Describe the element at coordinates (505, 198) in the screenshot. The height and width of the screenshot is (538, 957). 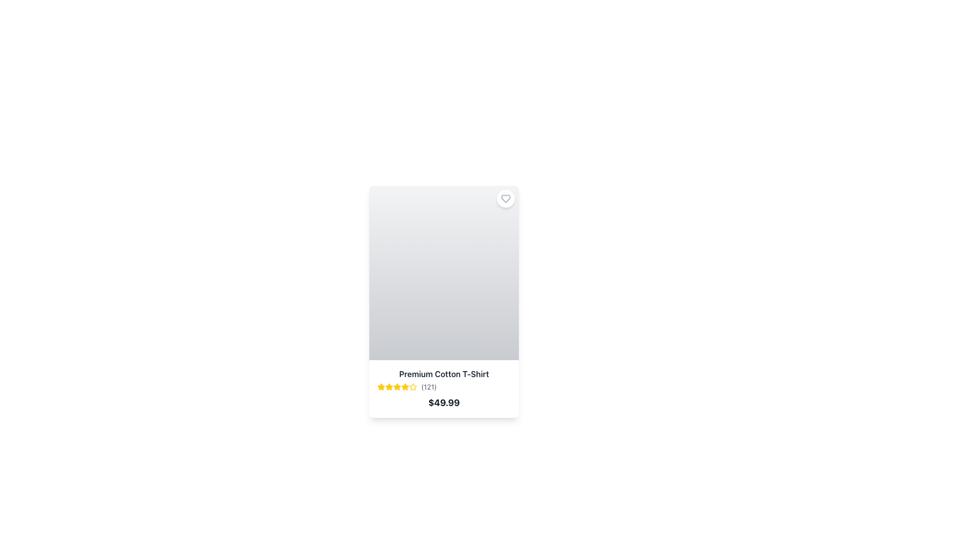
I see `the heart-shaped icon button located in the top-right corner of the card interface to favorite it` at that location.